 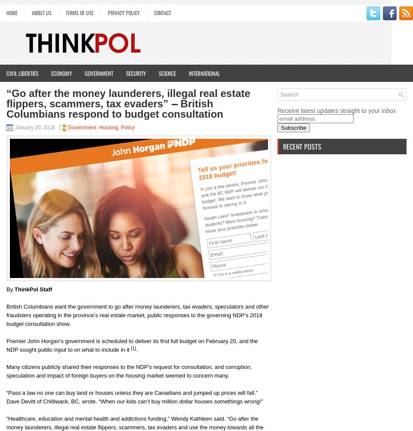 I want to click on 'Receive latest updates straight to your inbox', so click(x=336, y=111).